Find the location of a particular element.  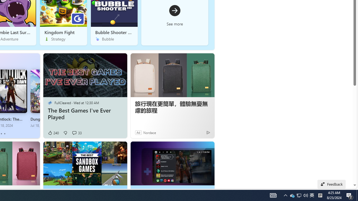

'Ad' is located at coordinates (138, 132).